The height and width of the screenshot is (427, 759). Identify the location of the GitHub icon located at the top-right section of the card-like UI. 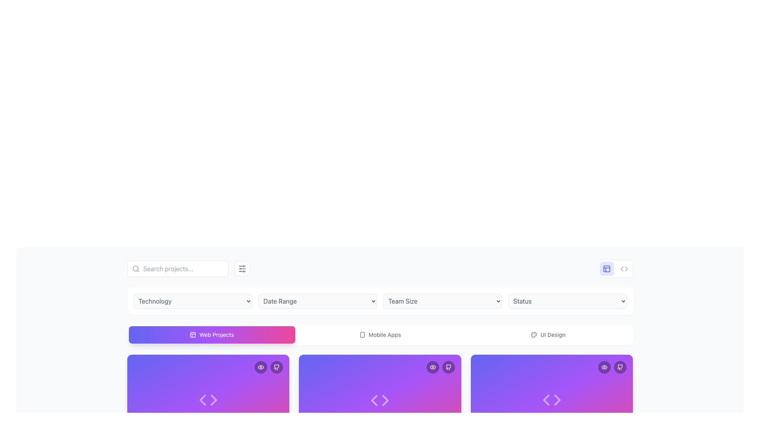
(448, 367).